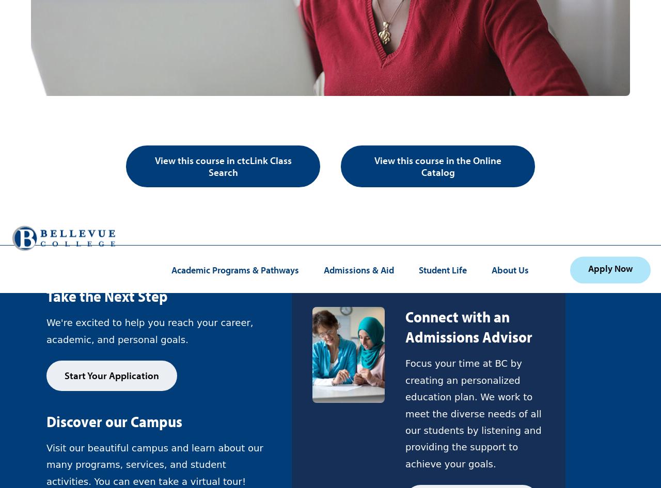 Image resolution: width=661 pixels, height=488 pixels. What do you see at coordinates (153, 177) in the screenshot?
I see `'© 2023 Bellevue College. All Rights Reserved.'` at bounding box center [153, 177].